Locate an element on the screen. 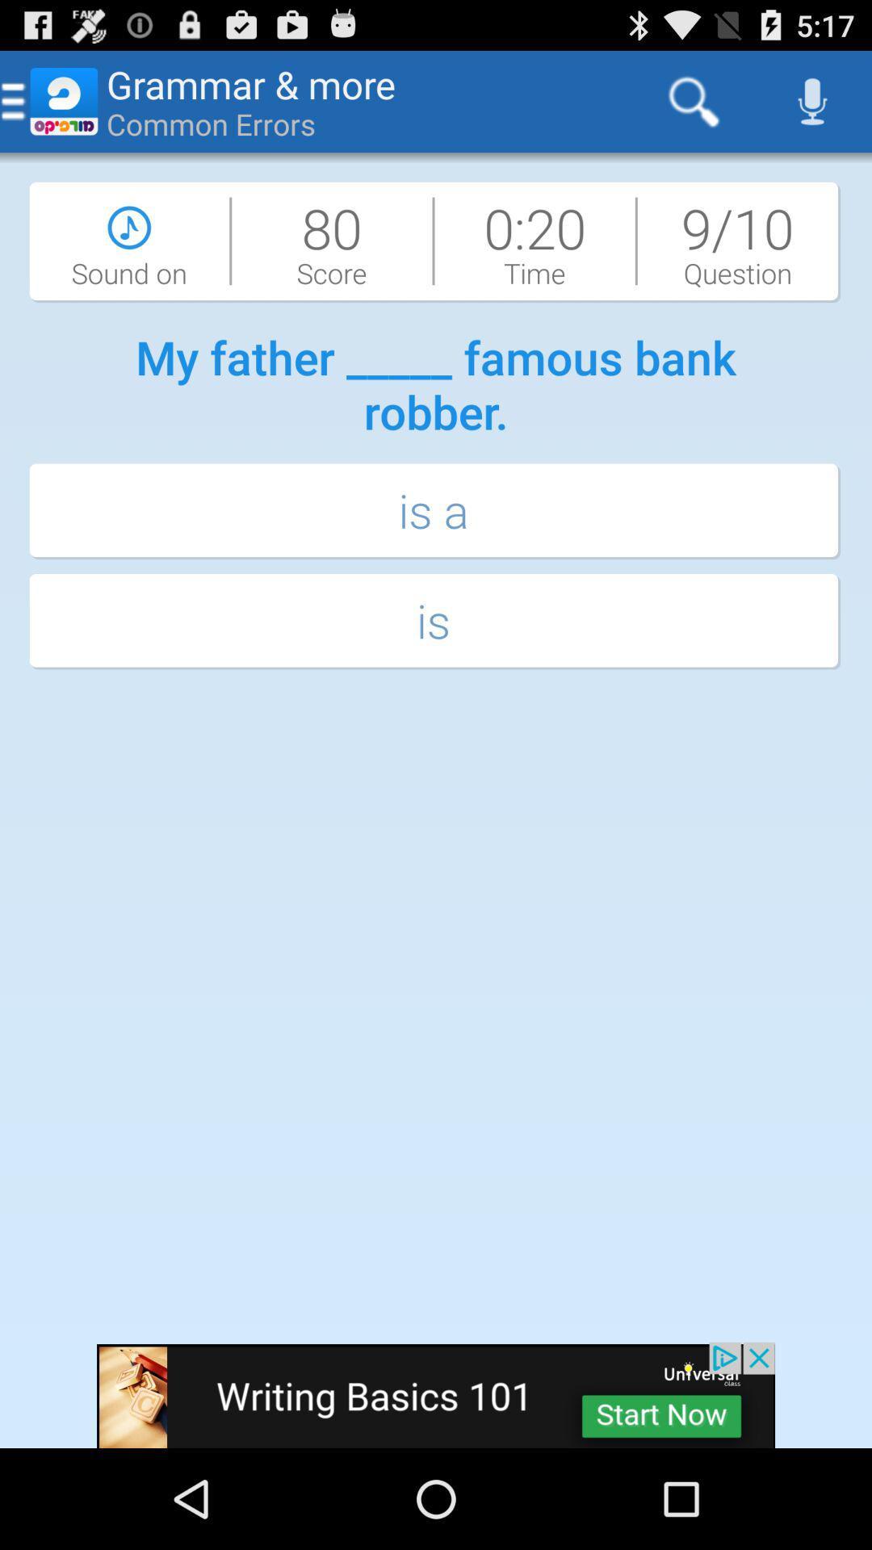 The image size is (872, 1550). open advertisements is located at coordinates (436, 1394).